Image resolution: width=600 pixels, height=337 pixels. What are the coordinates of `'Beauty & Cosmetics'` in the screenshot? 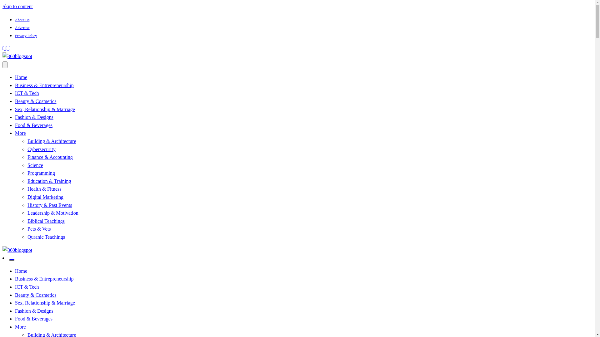 It's located at (35, 295).